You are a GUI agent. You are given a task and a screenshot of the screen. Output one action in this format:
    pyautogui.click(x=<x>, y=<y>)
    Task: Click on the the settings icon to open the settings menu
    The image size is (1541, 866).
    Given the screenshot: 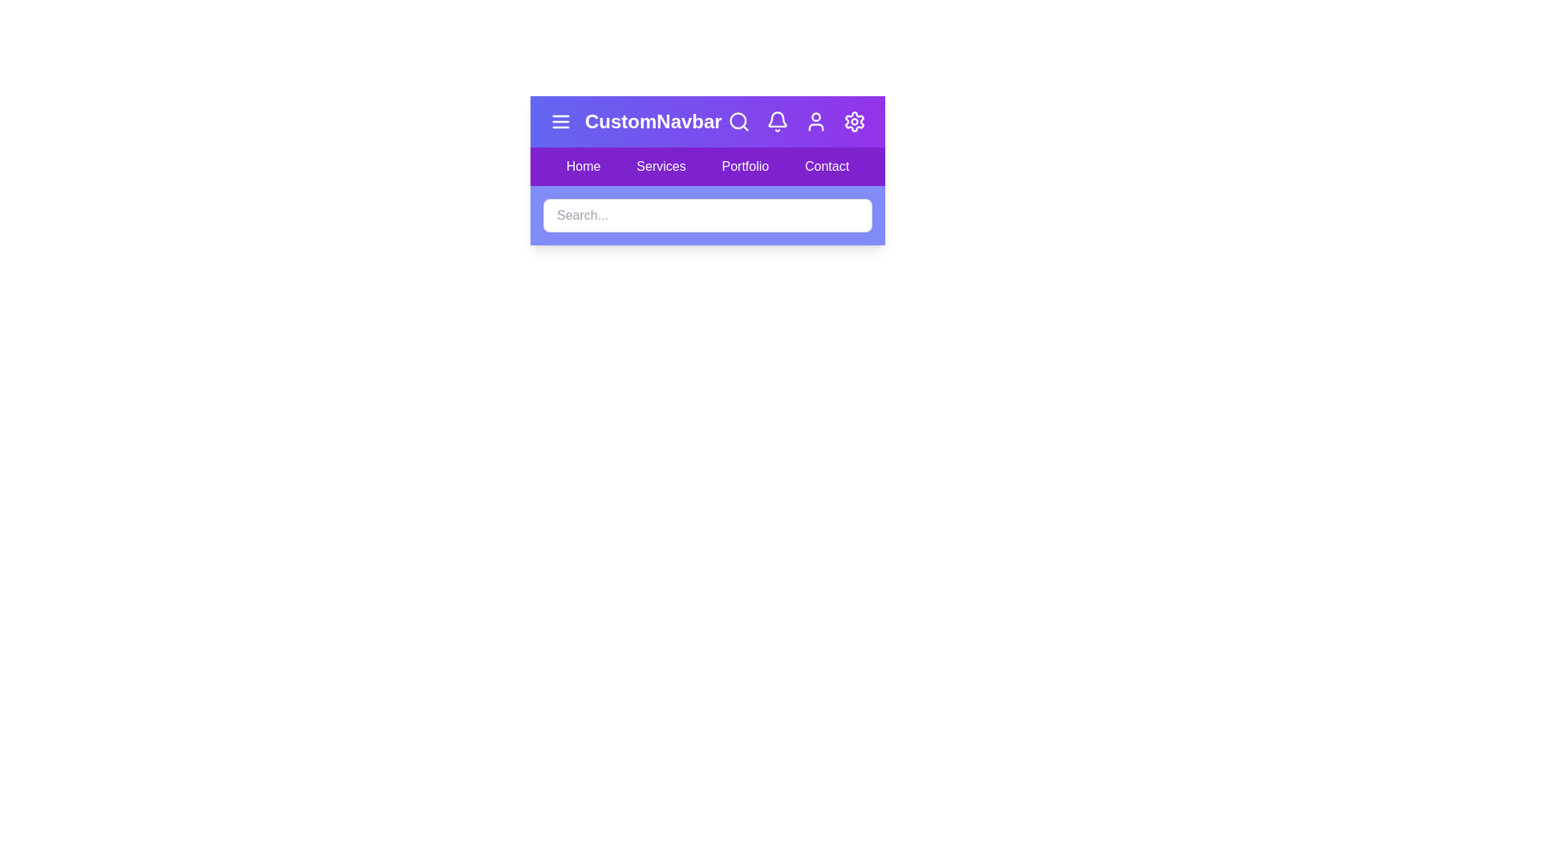 What is the action you would take?
    pyautogui.click(x=854, y=120)
    